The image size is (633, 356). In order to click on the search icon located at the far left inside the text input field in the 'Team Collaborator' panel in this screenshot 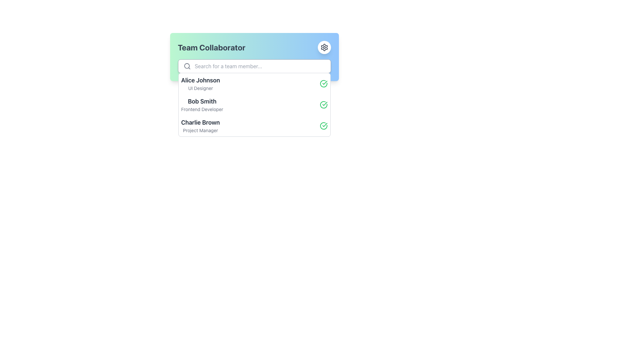, I will do `click(187, 66)`.